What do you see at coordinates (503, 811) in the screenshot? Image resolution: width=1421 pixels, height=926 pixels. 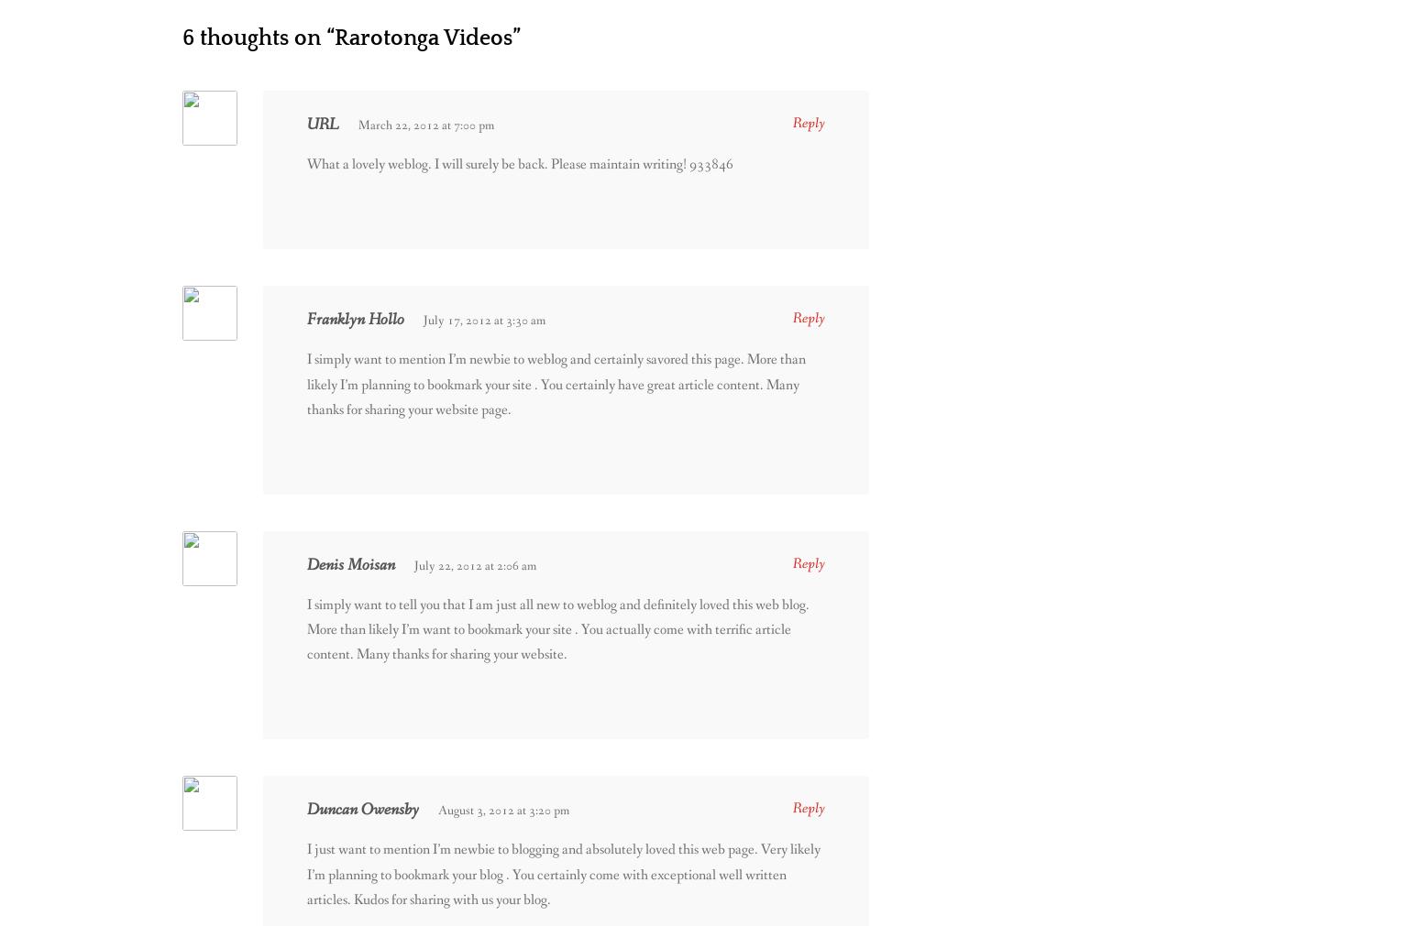 I see `'August 3, 2012 at 3:20 pm'` at bounding box center [503, 811].